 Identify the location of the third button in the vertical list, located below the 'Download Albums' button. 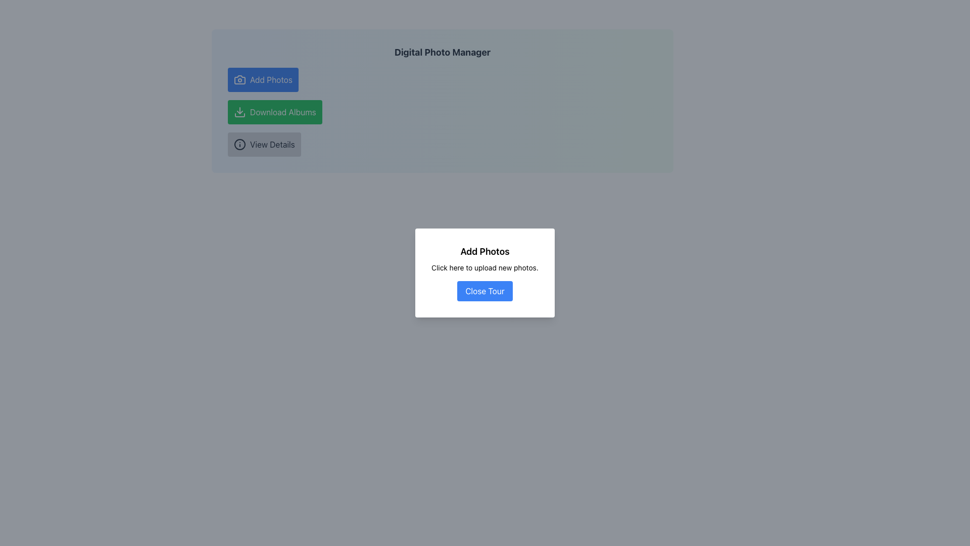
(264, 144).